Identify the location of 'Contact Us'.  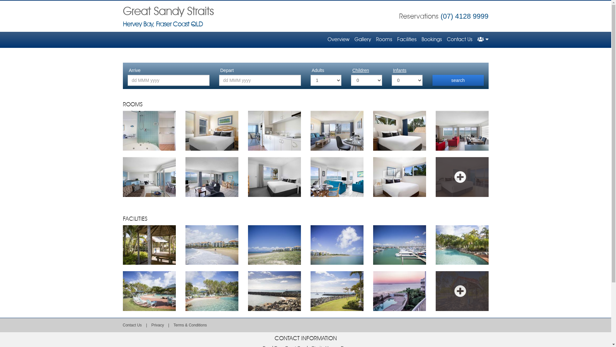
(132, 325).